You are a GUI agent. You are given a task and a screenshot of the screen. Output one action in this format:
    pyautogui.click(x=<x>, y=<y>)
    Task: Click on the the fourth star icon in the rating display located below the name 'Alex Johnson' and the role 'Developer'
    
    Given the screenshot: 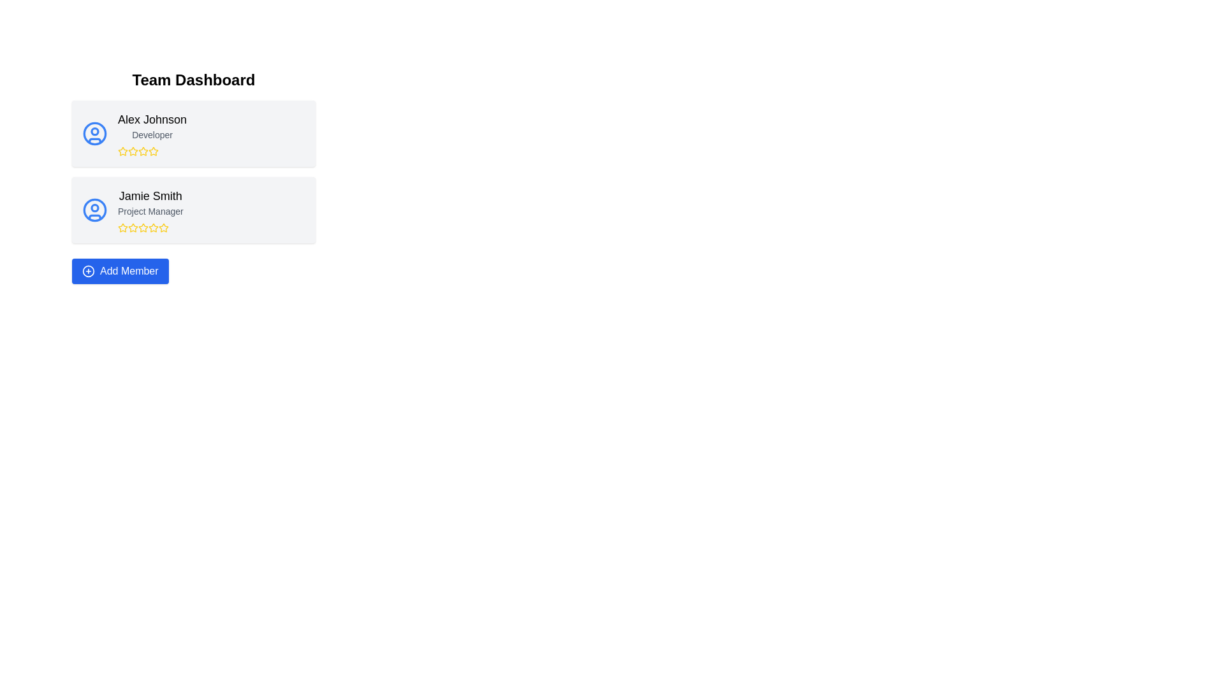 What is the action you would take?
    pyautogui.click(x=153, y=151)
    